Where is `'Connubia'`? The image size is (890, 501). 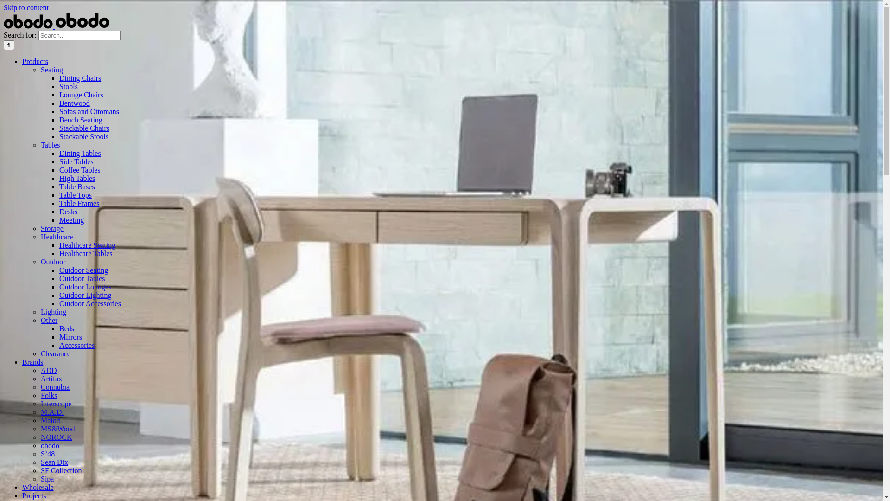
'Connubia' is located at coordinates (55, 387).